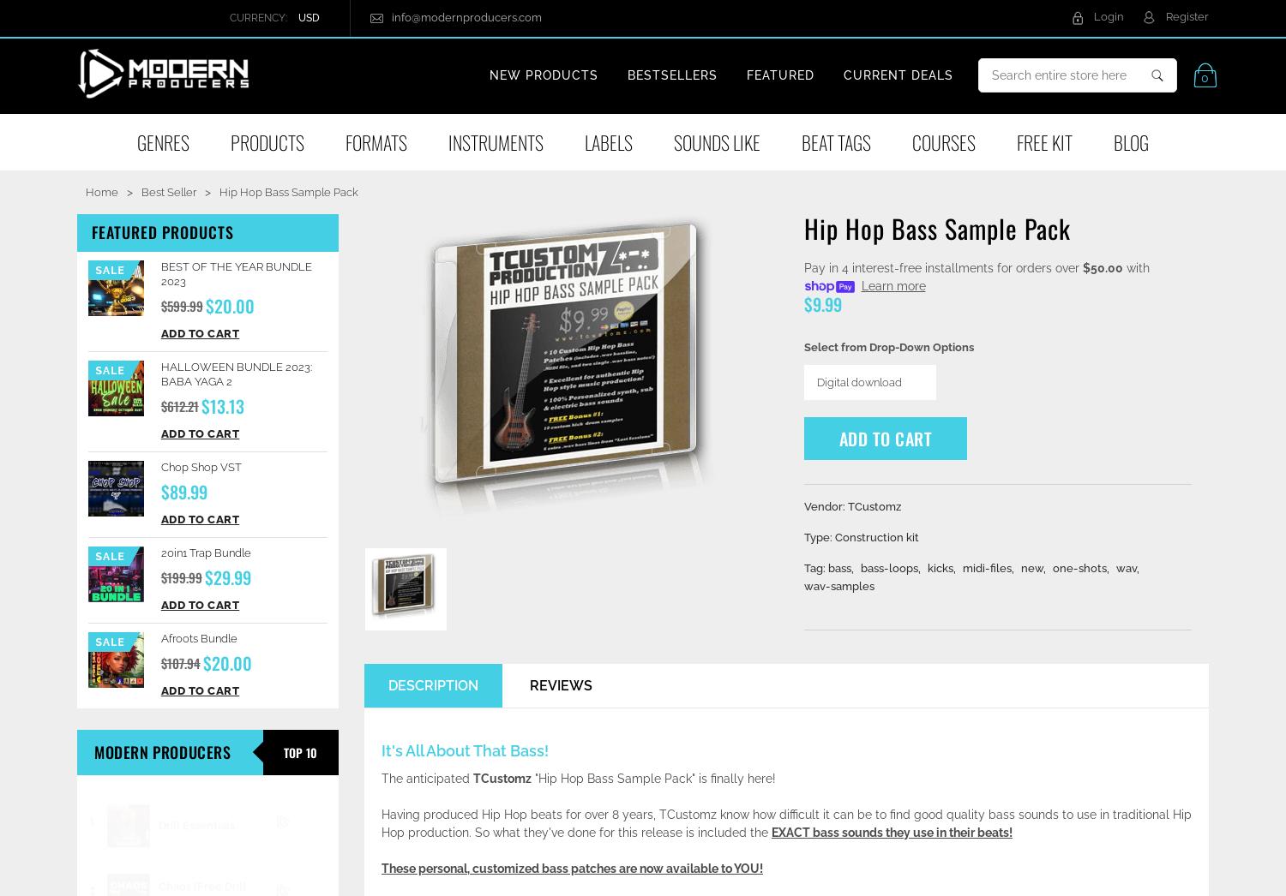 The image size is (1286, 896). I want to click on 'COURSES', so click(943, 142).